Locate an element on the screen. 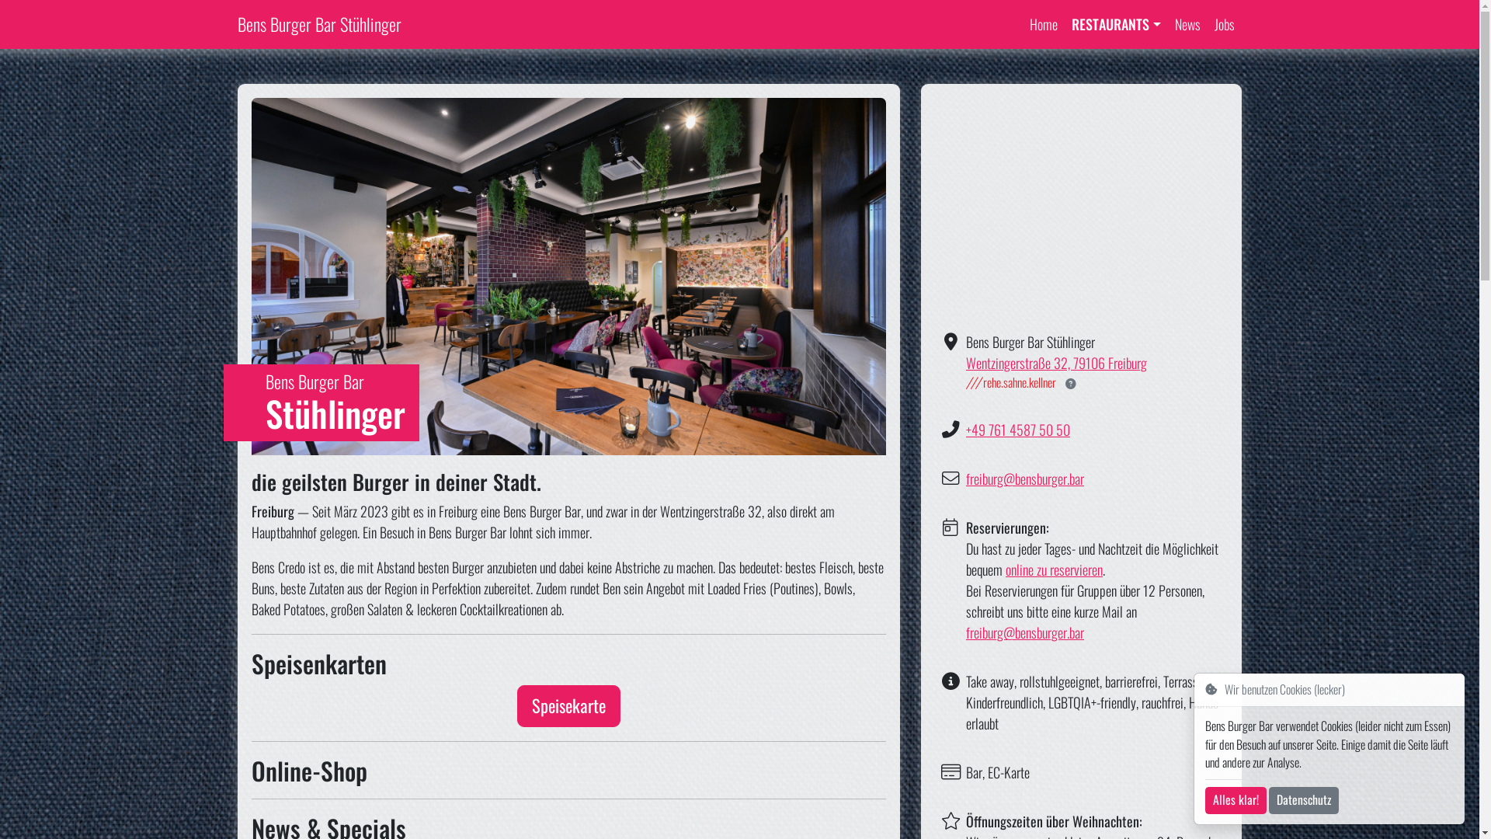 The width and height of the screenshot is (1491, 839). 'freiburg@bensburger.bar' is located at coordinates (1025, 478).